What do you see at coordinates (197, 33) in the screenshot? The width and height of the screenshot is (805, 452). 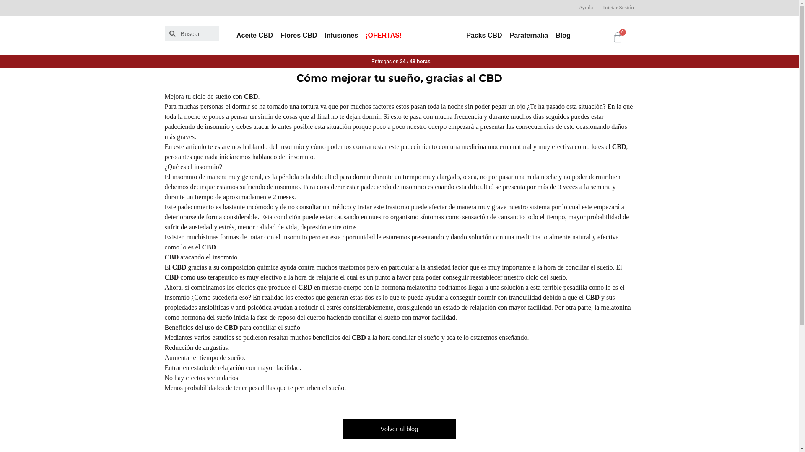 I see `'Search'` at bounding box center [197, 33].